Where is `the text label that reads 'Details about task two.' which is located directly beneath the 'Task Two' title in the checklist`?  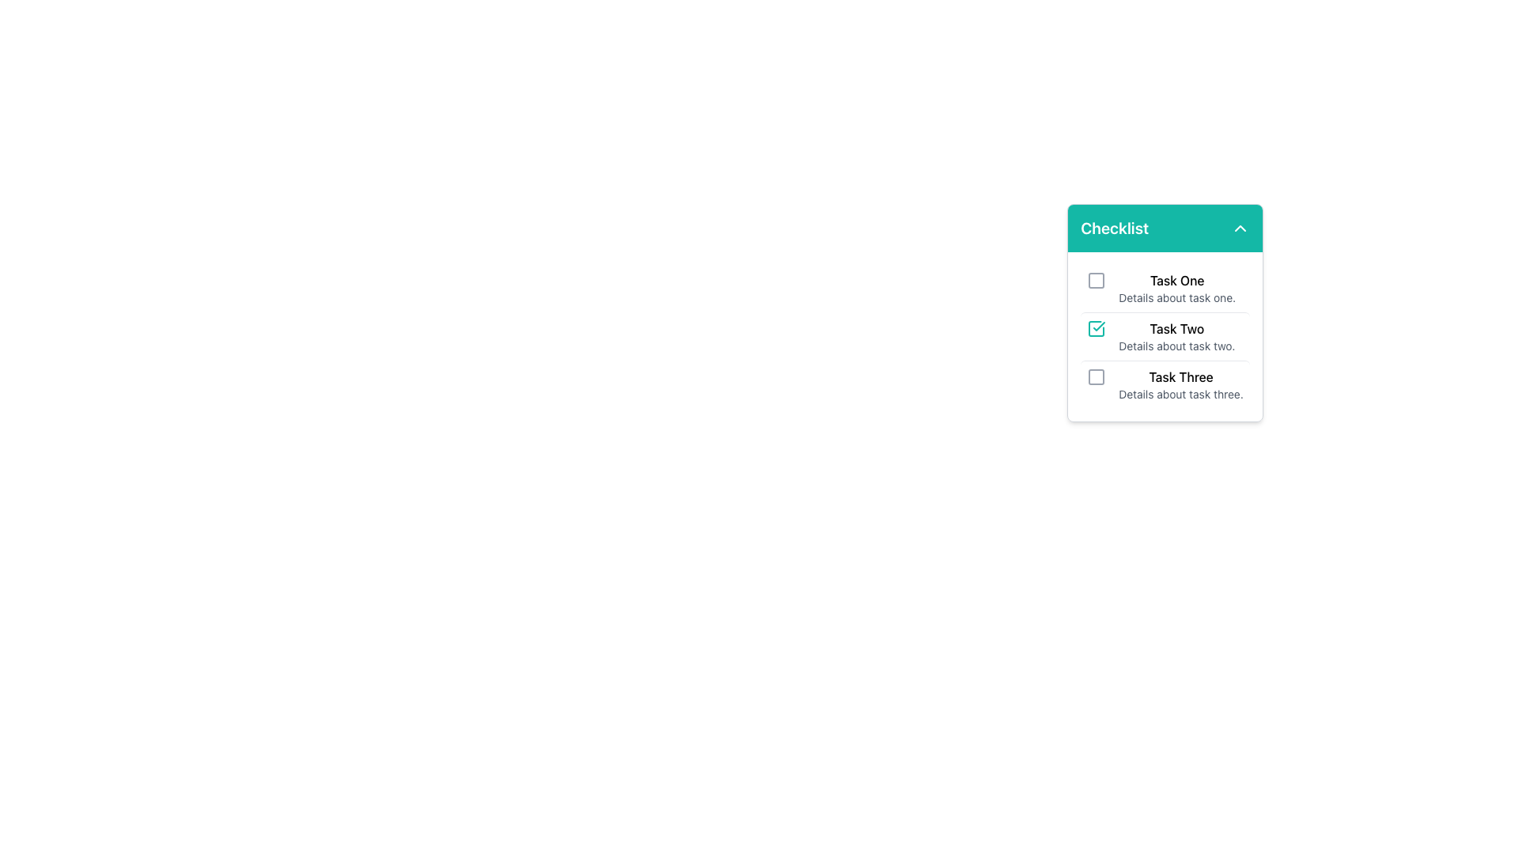
the text label that reads 'Details about task two.' which is located directly beneath the 'Task Two' title in the checklist is located at coordinates (1176, 346).